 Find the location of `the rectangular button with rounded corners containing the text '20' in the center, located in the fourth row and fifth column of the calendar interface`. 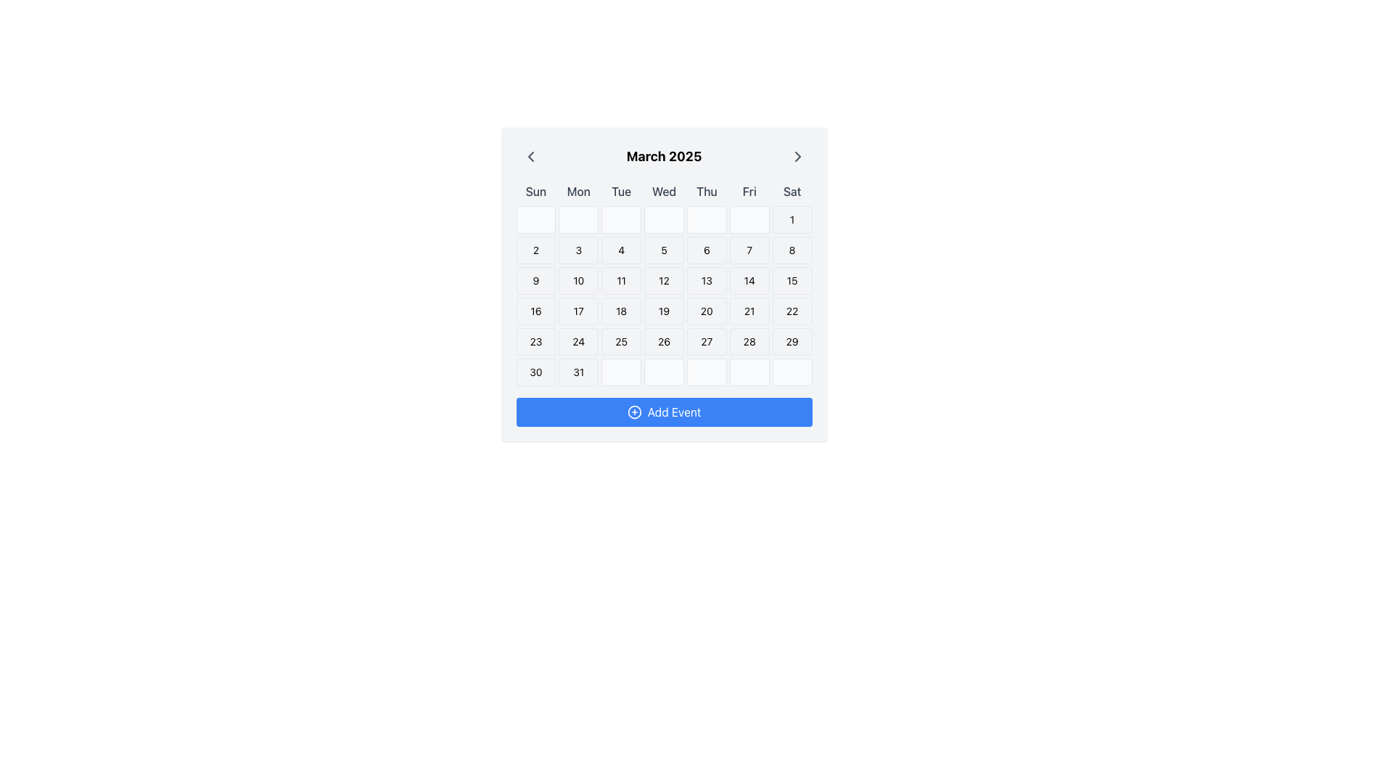

the rectangular button with rounded corners containing the text '20' in the center, located in the fourth row and fifth column of the calendar interface is located at coordinates (707, 310).